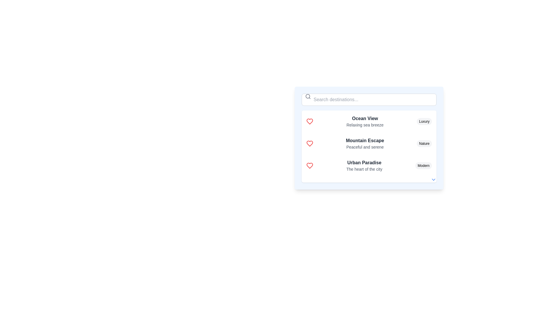 The height and width of the screenshot is (314, 558). I want to click on the heart-shaped icon representing the favoriting function located to the left of the text 'Mountain Escape' in the middle row of the list of destinations, so click(309, 143).